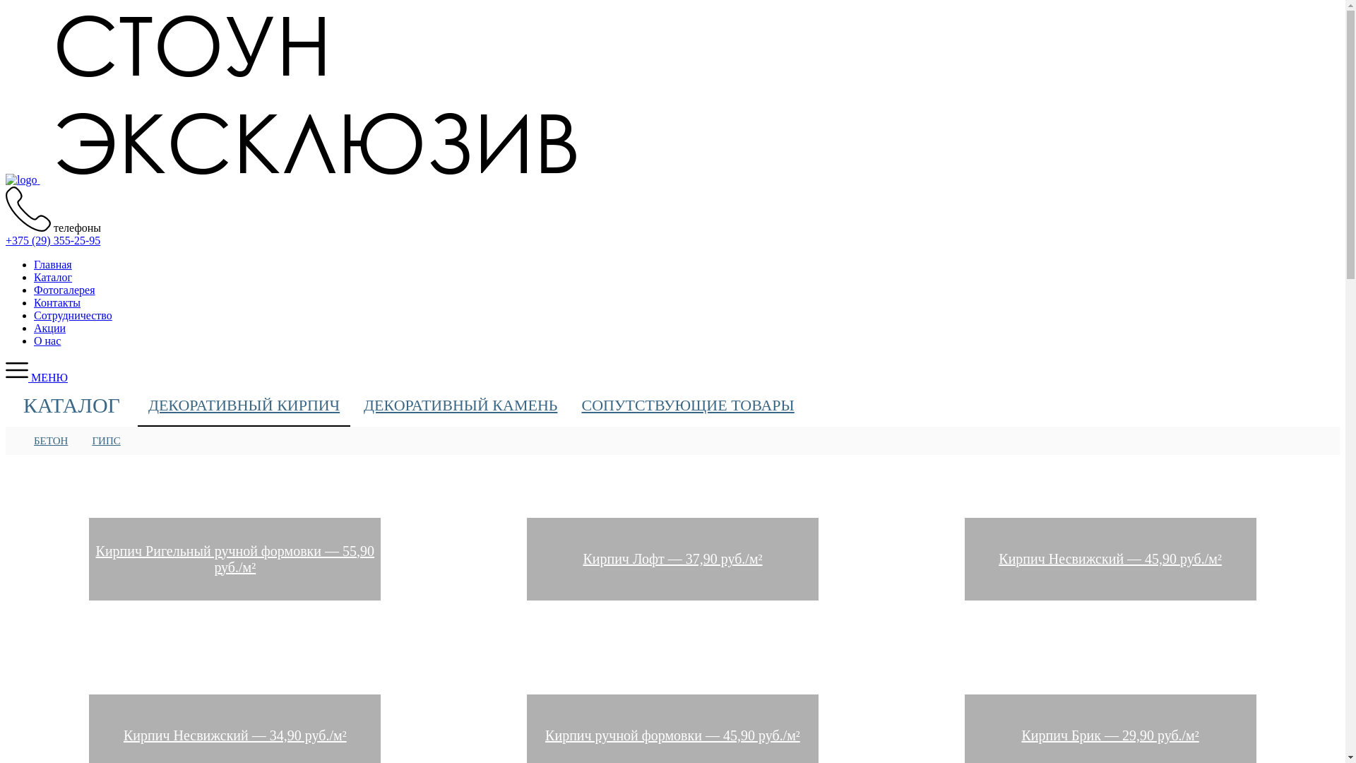 The image size is (1356, 763). I want to click on '+375 (29) 355-25-95', so click(6, 239).